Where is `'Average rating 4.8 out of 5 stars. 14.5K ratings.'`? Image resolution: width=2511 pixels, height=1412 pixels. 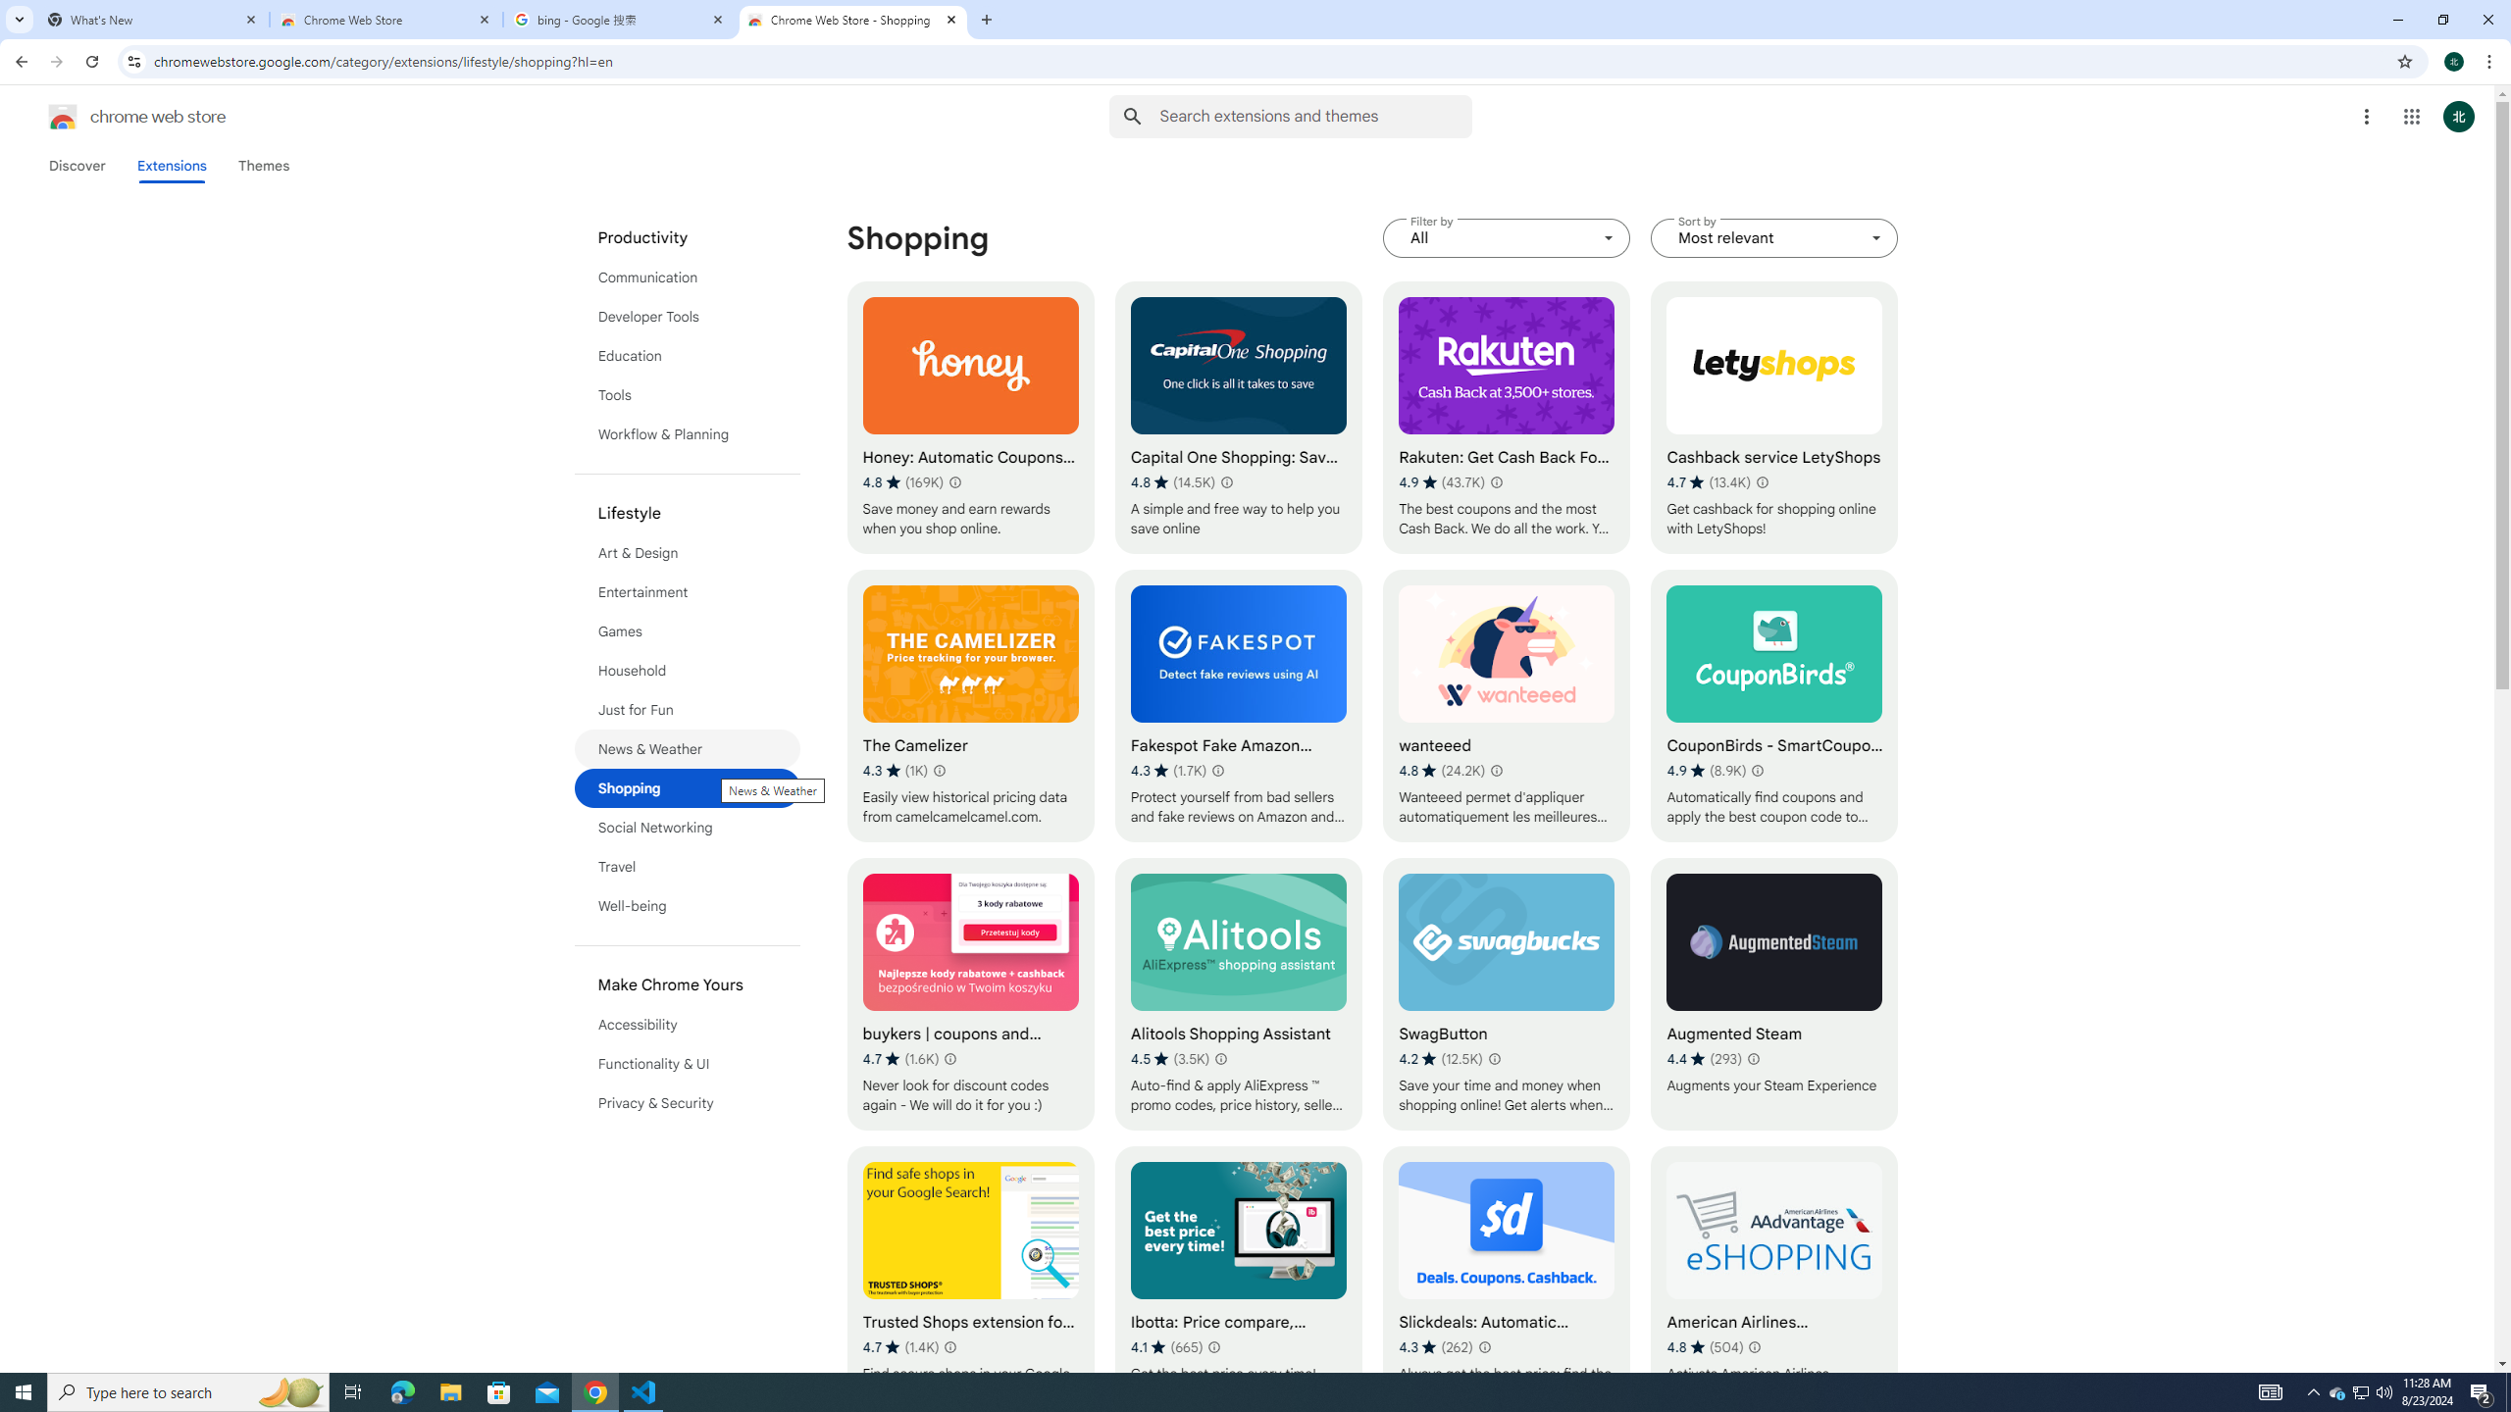 'Average rating 4.8 out of 5 stars. 14.5K ratings.' is located at coordinates (1171, 481).